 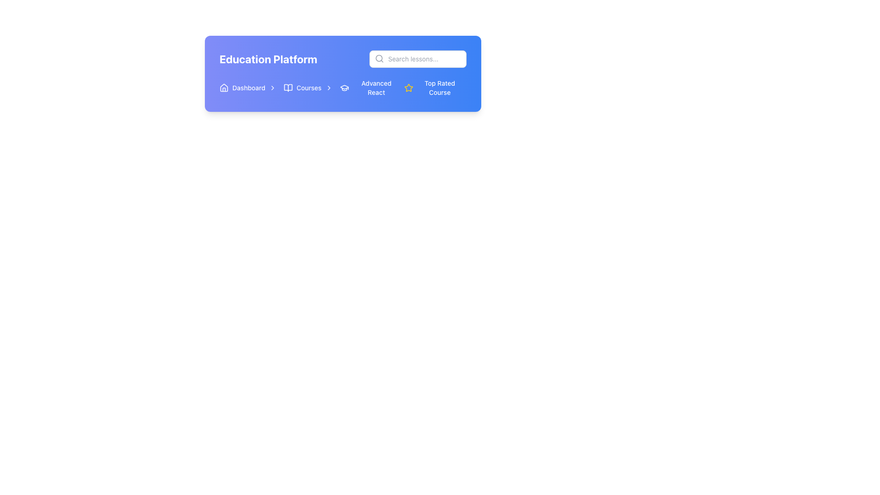 What do you see at coordinates (434, 88) in the screenshot?
I see `the Label with Icon located in the top-right corner of the header bar, adjacent to the 'Advanced React' link` at bounding box center [434, 88].